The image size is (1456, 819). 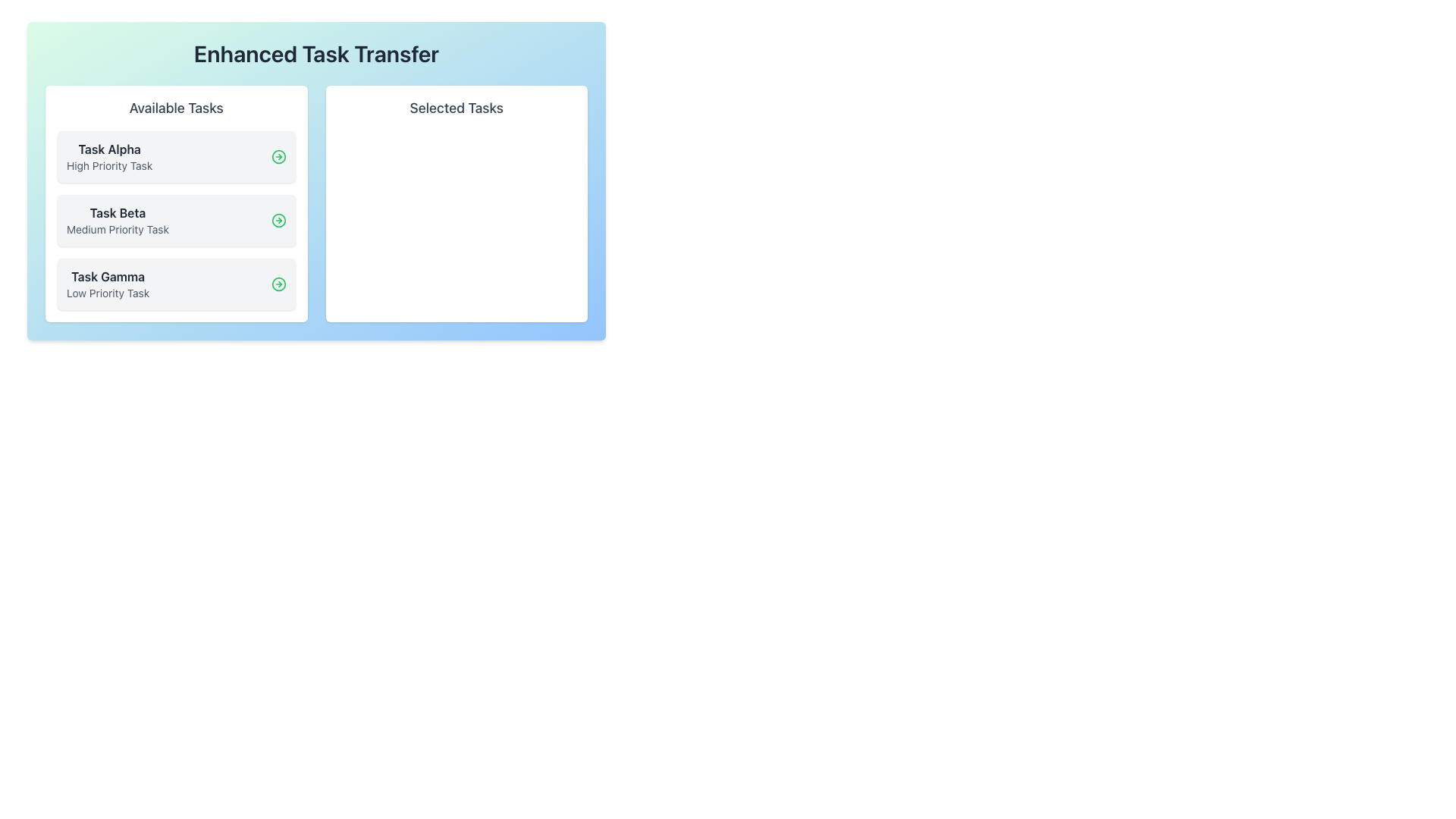 I want to click on the 'Task Beta' card in the 'Available Tasks' section, so click(x=176, y=220).